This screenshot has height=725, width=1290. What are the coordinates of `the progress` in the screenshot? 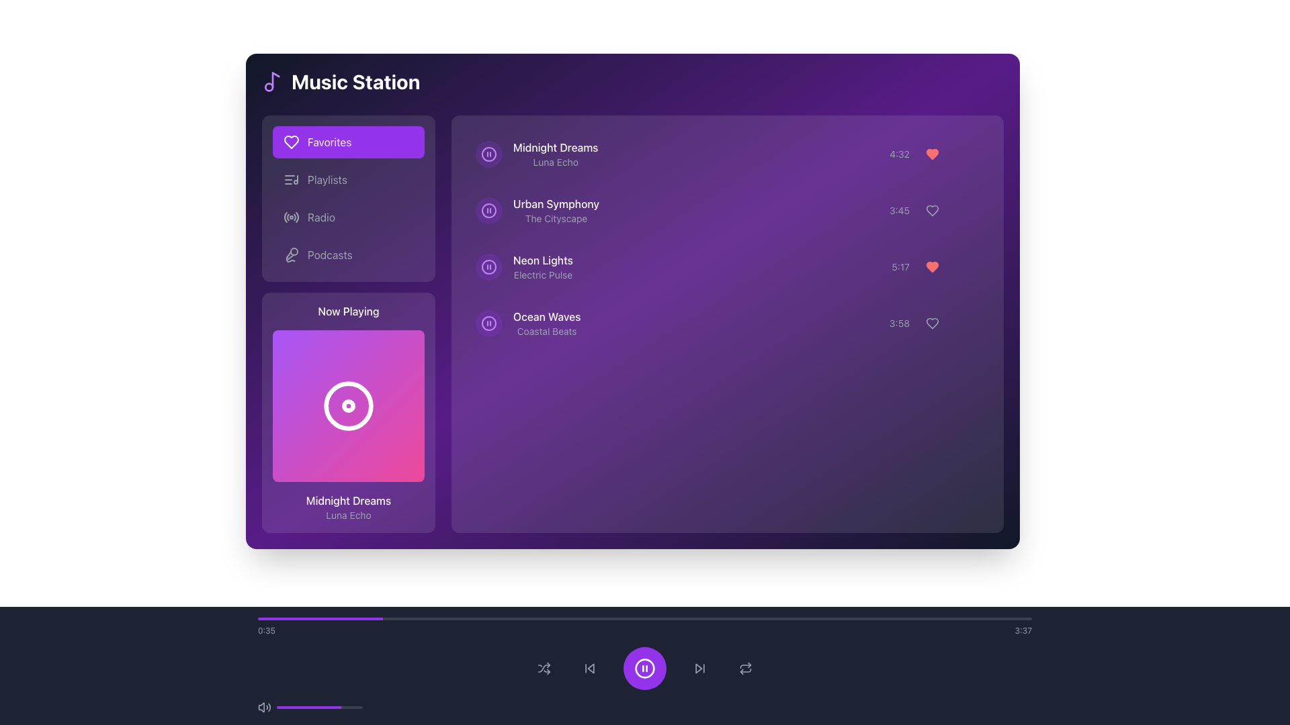 It's located at (320, 706).